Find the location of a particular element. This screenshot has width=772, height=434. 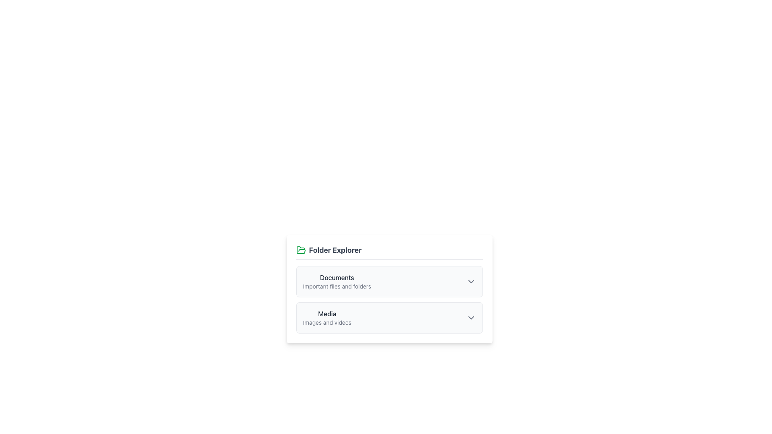

the label reading 'Important files and folders' which is positioned directly below the 'Documents' heading in the 'Folder Explorer' interface is located at coordinates (337, 286).